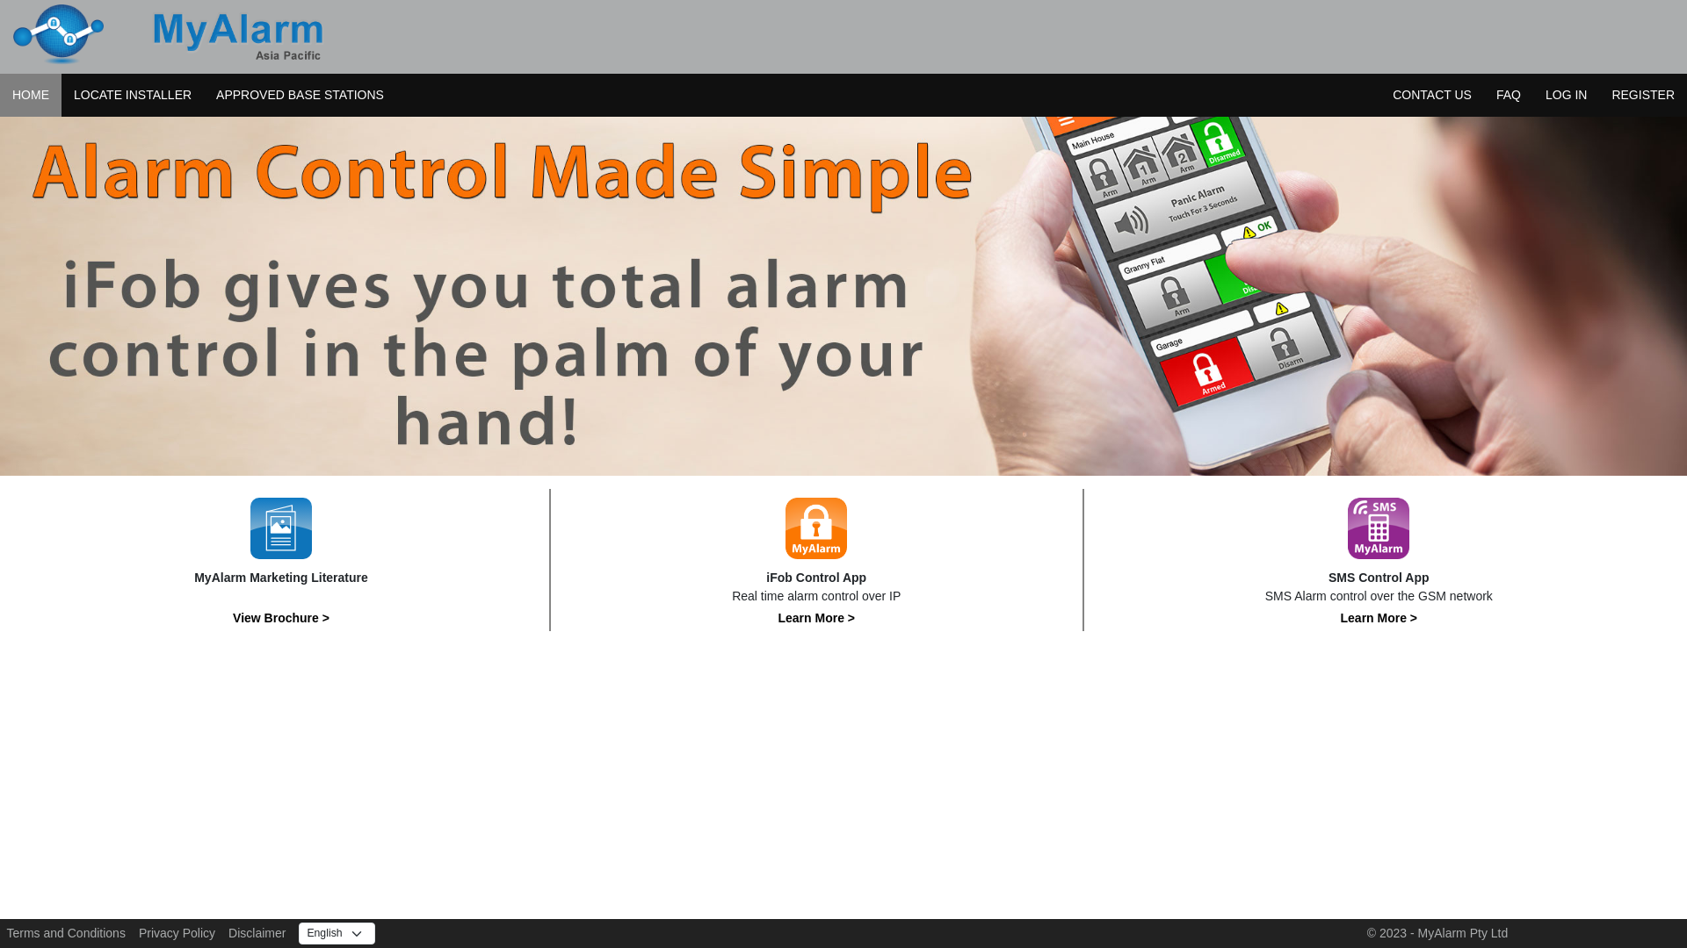  What do you see at coordinates (1532, 95) in the screenshot?
I see `'LOG IN'` at bounding box center [1532, 95].